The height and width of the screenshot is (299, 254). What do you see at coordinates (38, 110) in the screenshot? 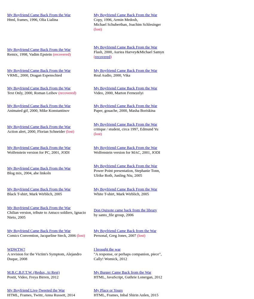
I see `'Animated gif, 2000, Mike Konstantinov'` at bounding box center [38, 110].